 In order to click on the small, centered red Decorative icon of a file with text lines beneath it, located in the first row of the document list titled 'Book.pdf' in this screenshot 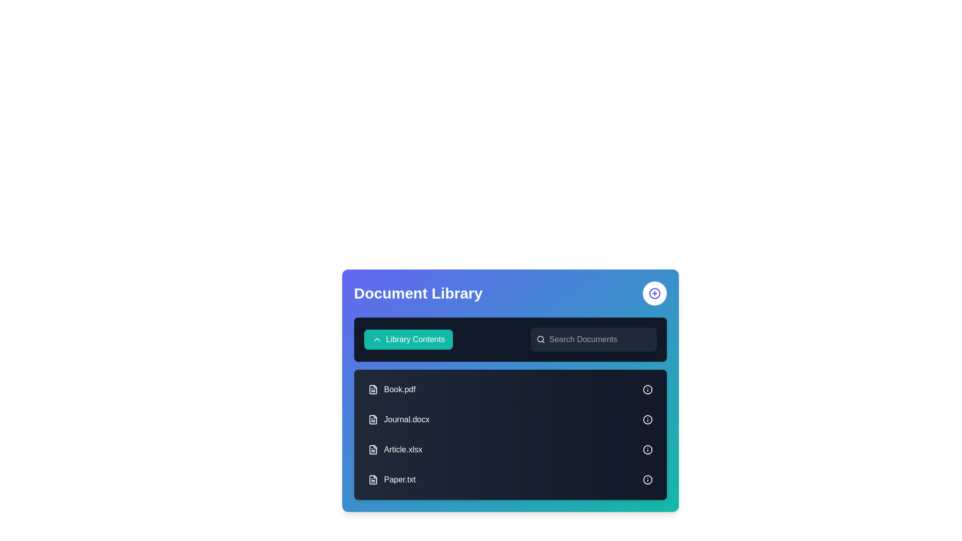, I will do `click(372, 389)`.